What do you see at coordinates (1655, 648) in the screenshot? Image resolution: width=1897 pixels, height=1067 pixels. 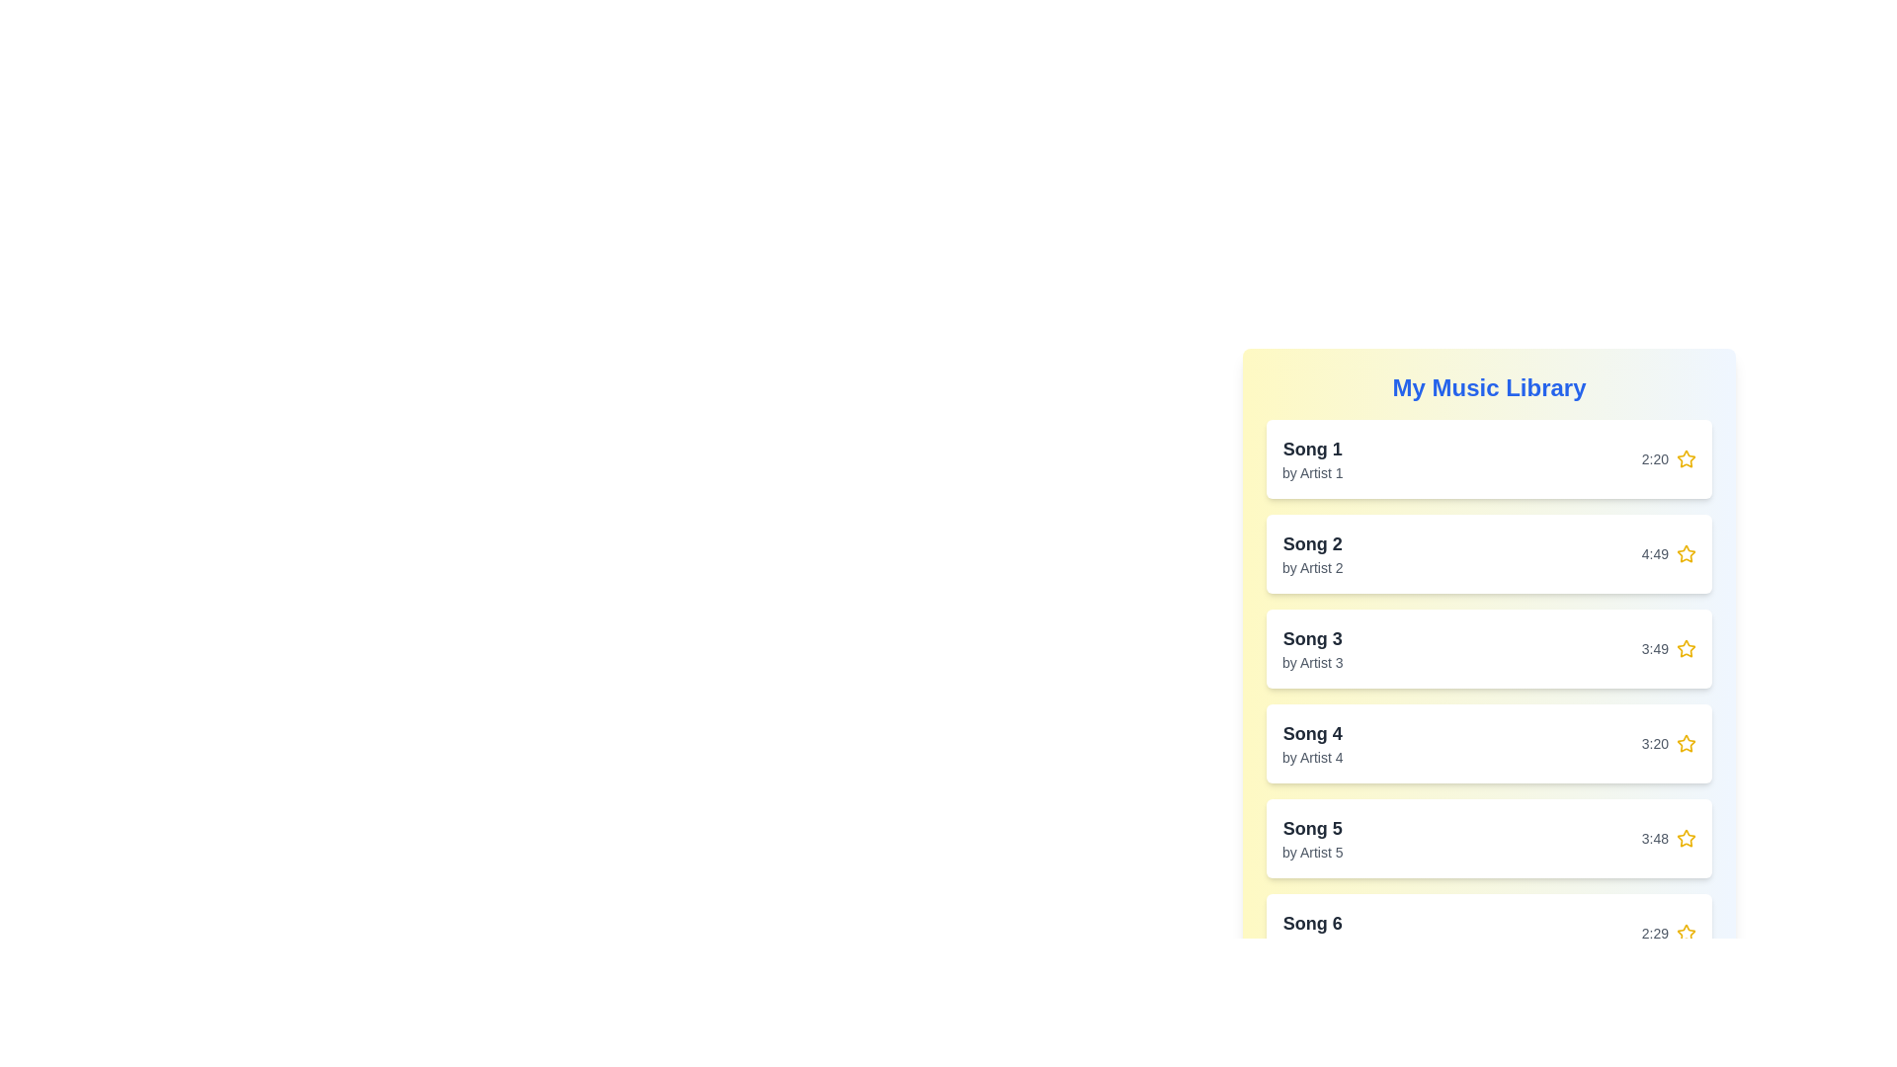 I see `the static text displaying the duration of 'Song 3 by Artist 3', which is located adjacent to a star icon` at bounding box center [1655, 648].